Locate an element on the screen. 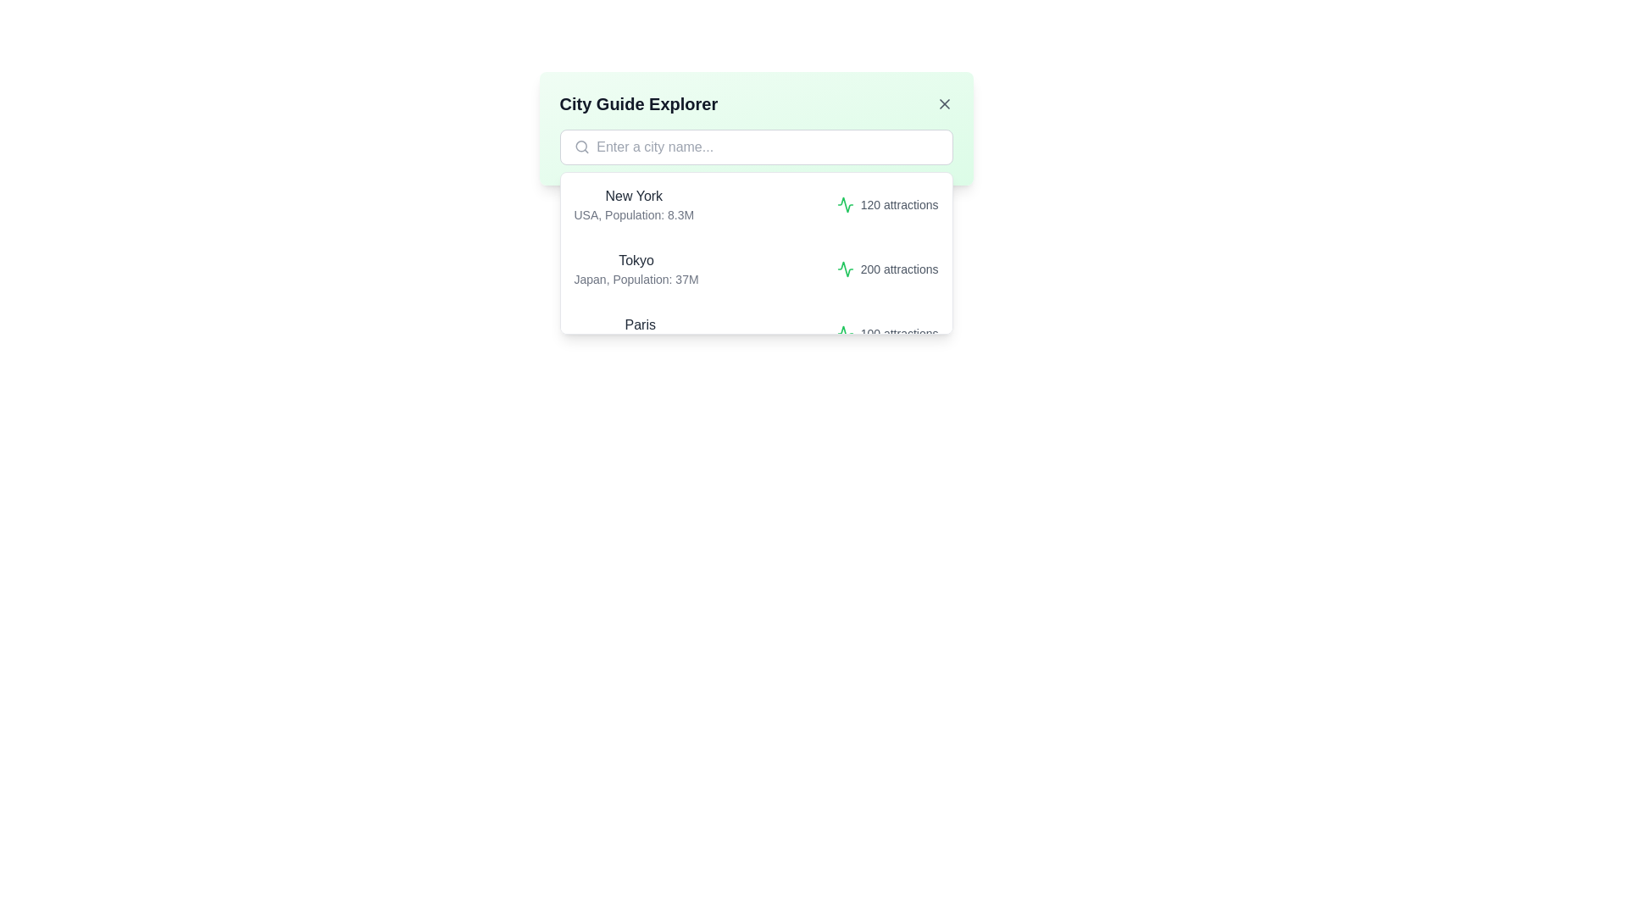 The width and height of the screenshot is (1627, 915). the close button icon located in the top-right corner of the 'City Guide Explorer' panel is located at coordinates (943, 104).